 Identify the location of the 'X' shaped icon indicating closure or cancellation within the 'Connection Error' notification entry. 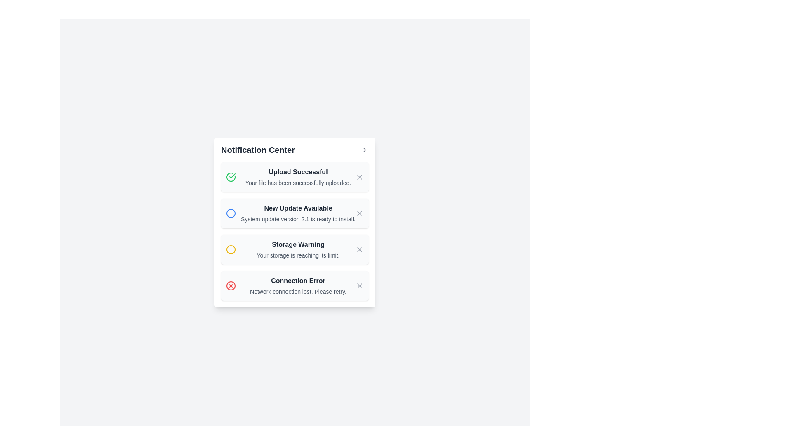
(359, 285).